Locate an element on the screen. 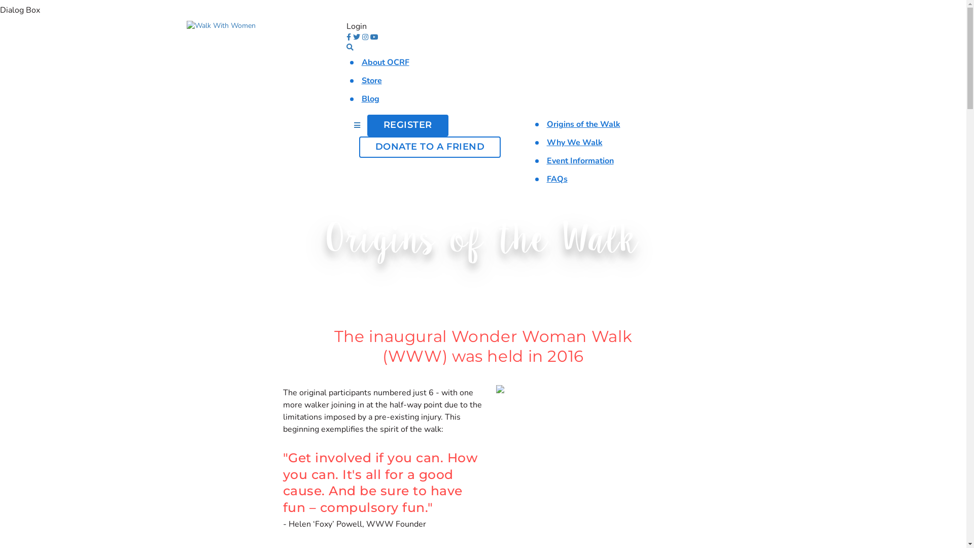 The height and width of the screenshot is (548, 974). 'Login' is located at coordinates (356, 26).